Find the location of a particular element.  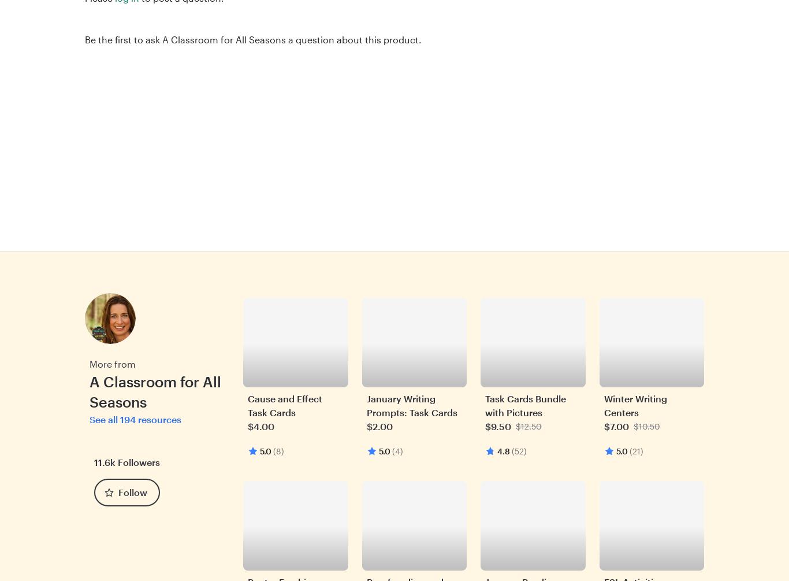

'Cause and Effect Task Cards' is located at coordinates (247, 405).